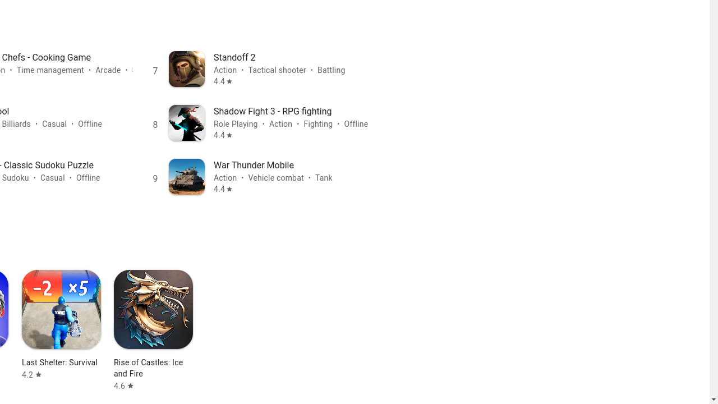 Image resolution: width=718 pixels, height=404 pixels. Describe the element at coordinates (262, 68) in the screenshot. I see `'Rank 7 Standoff 2 Action • Tactical shooter • Battling Rated 4.4 stars out of five stars'` at that location.